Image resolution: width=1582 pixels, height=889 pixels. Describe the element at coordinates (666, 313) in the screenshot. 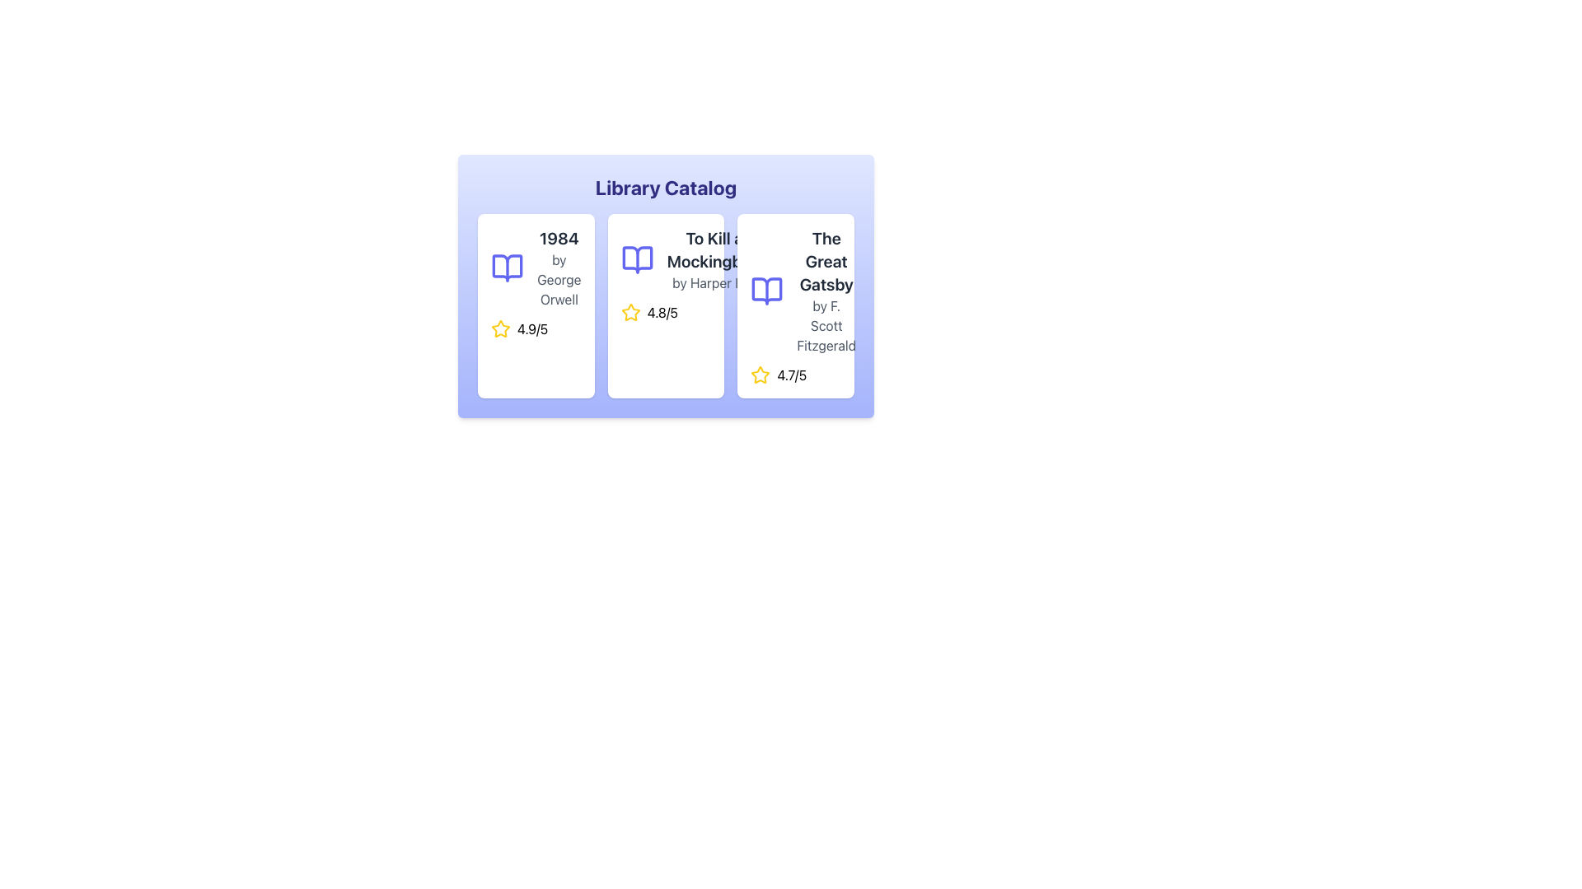

I see `the rating display showing '4.8/5' next to a yellow star icon` at that location.